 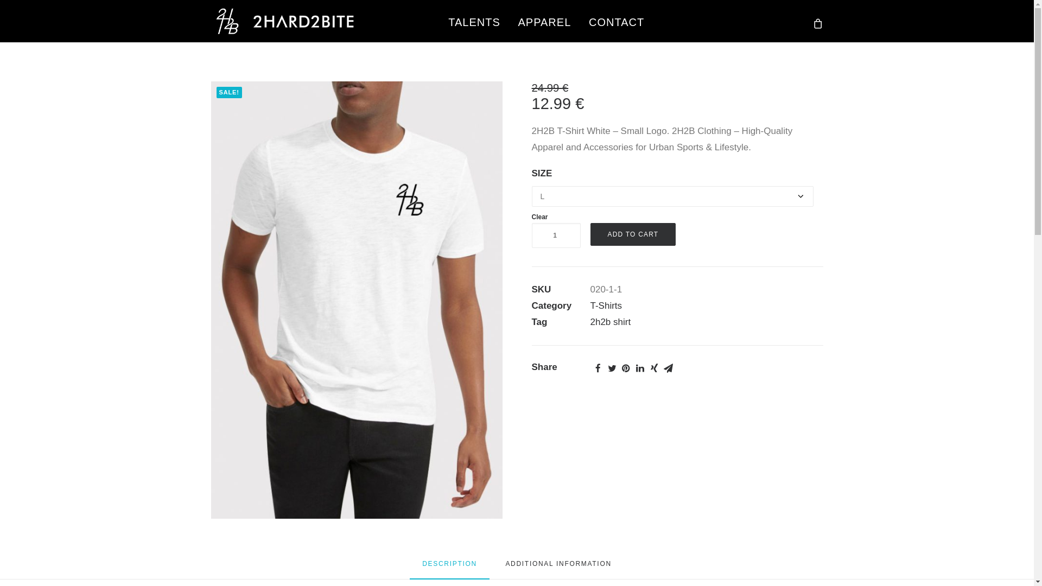 What do you see at coordinates (449, 568) in the screenshot?
I see `'DESCRIPTION'` at bounding box center [449, 568].